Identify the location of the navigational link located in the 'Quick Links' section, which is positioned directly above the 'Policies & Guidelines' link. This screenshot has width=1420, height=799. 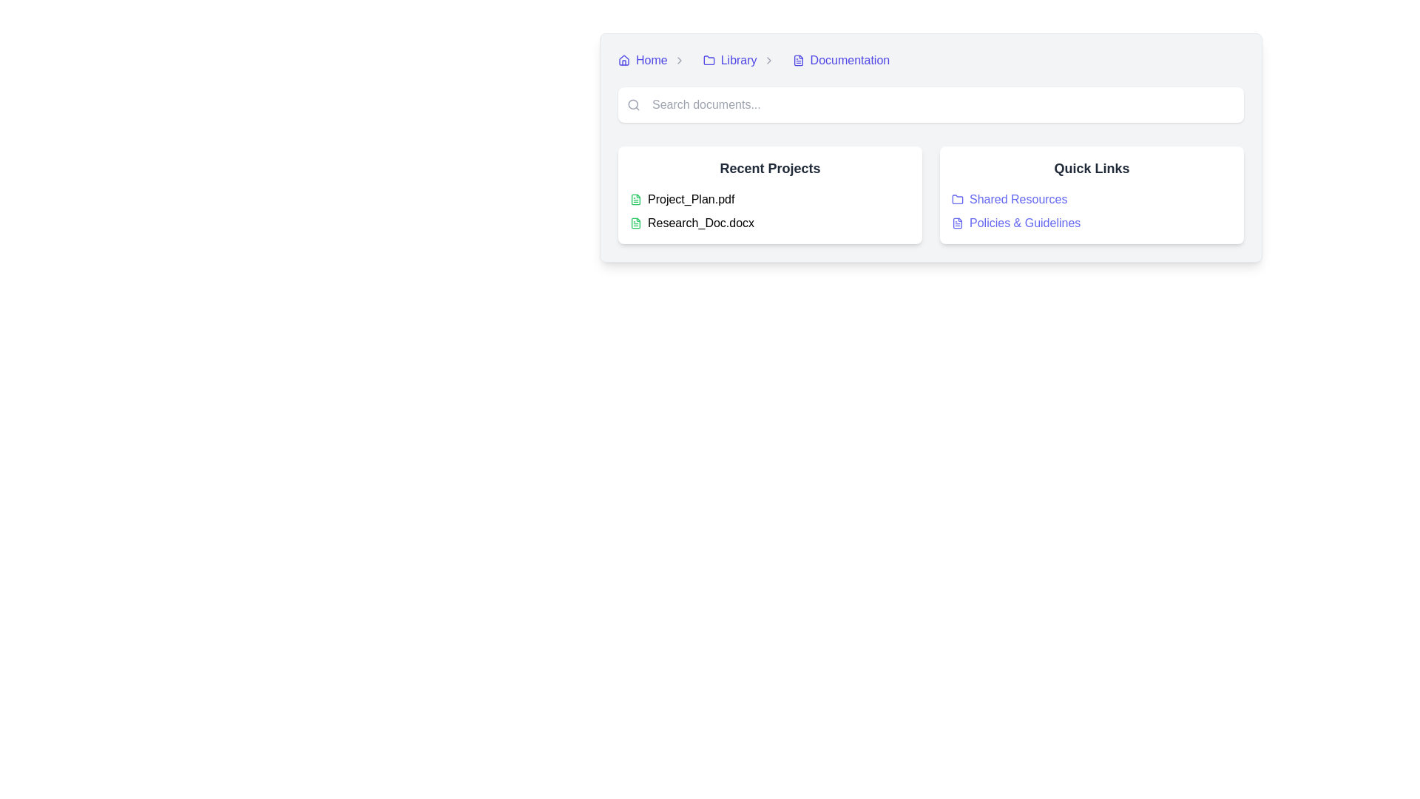
(1092, 200).